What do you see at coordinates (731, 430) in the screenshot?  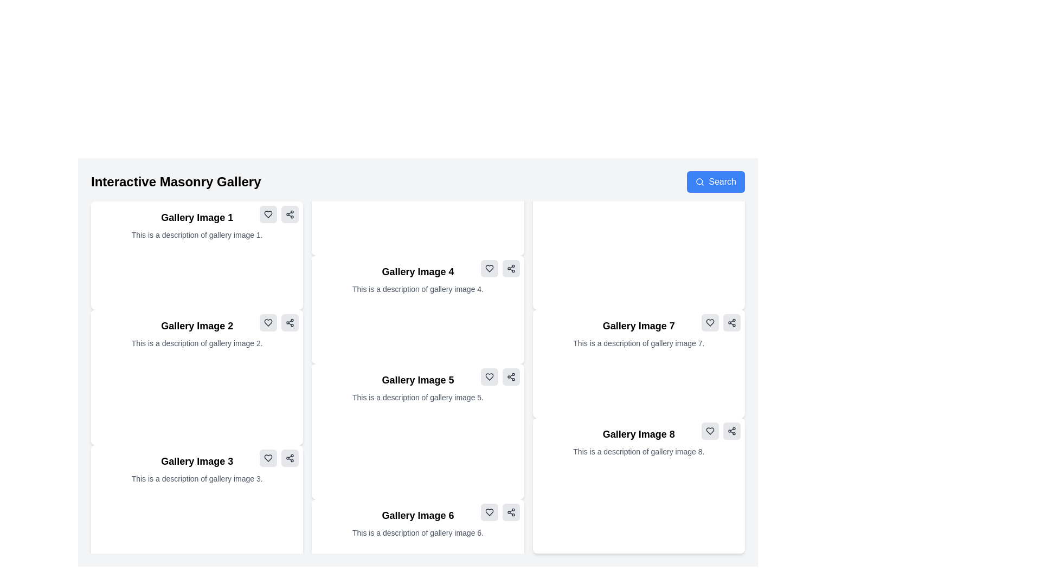 I see `the 'share' icon located at the top right corner of the 'Gallery Image 8' card` at bounding box center [731, 430].